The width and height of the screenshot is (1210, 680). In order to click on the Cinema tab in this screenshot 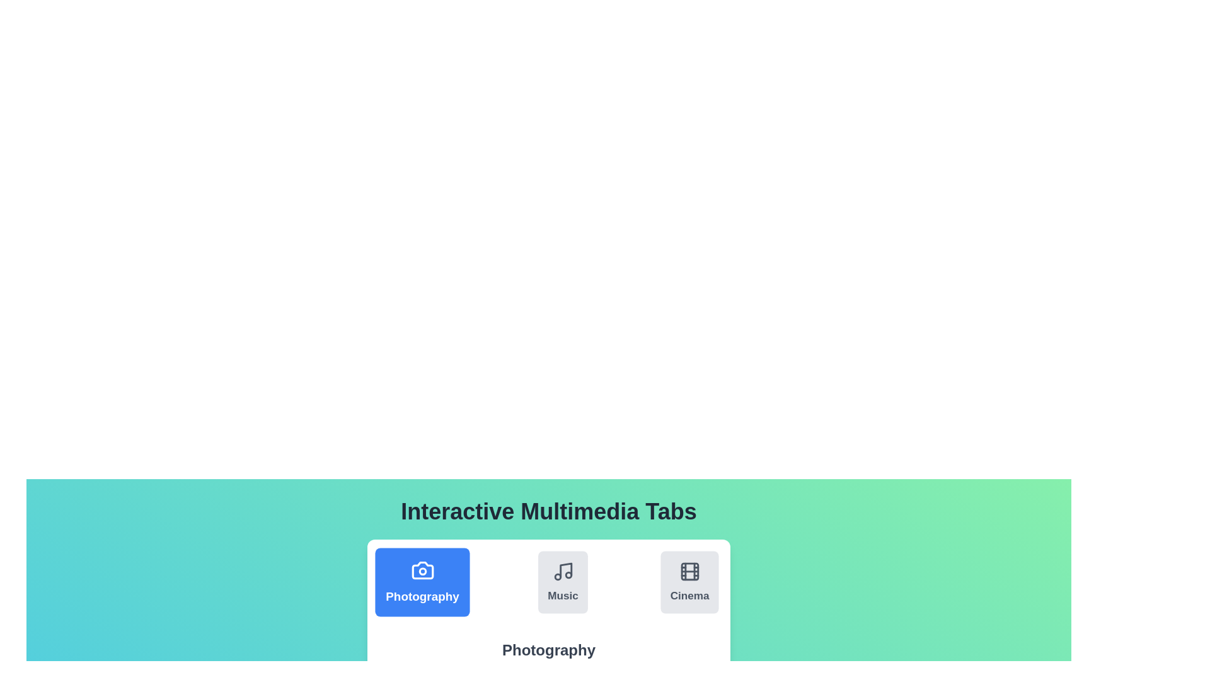, I will do `click(689, 582)`.